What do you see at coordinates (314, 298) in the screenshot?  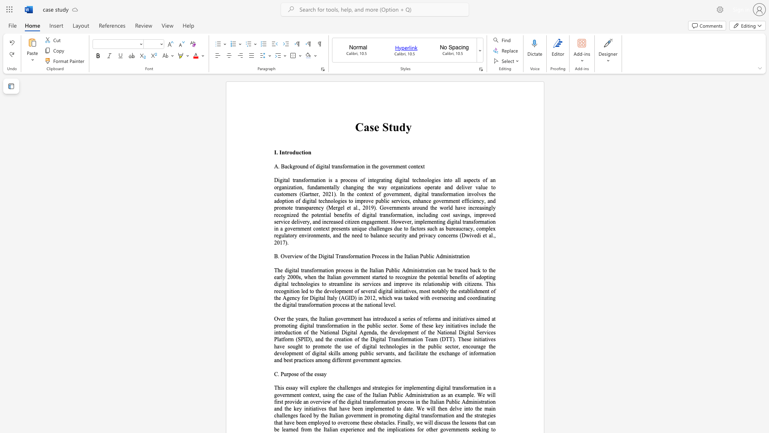 I see `the 38th character "i" in the text` at bounding box center [314, 298].